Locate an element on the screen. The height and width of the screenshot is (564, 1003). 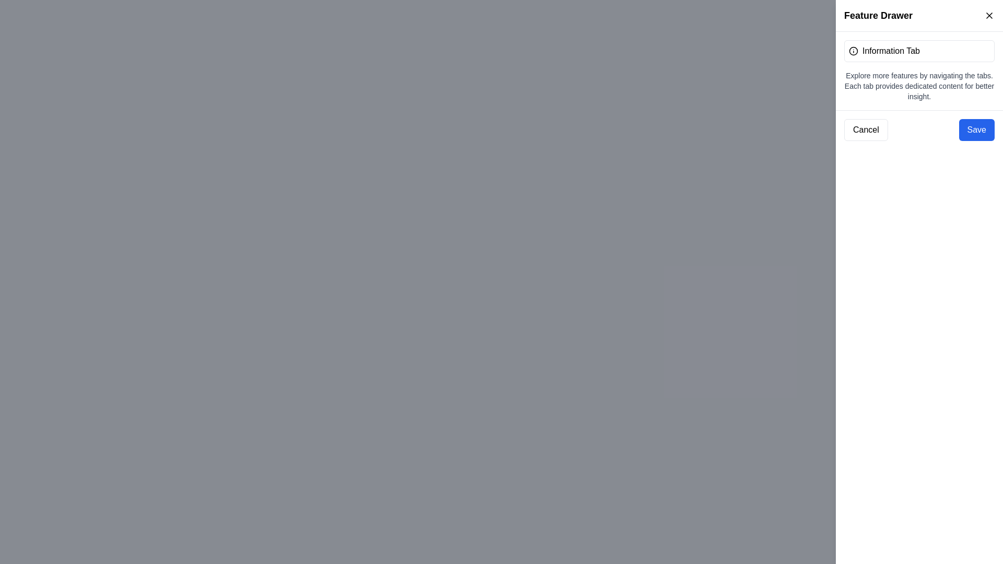
the rectangular blue 'Save' button with rounded corners is located at coordinates (976, 130).